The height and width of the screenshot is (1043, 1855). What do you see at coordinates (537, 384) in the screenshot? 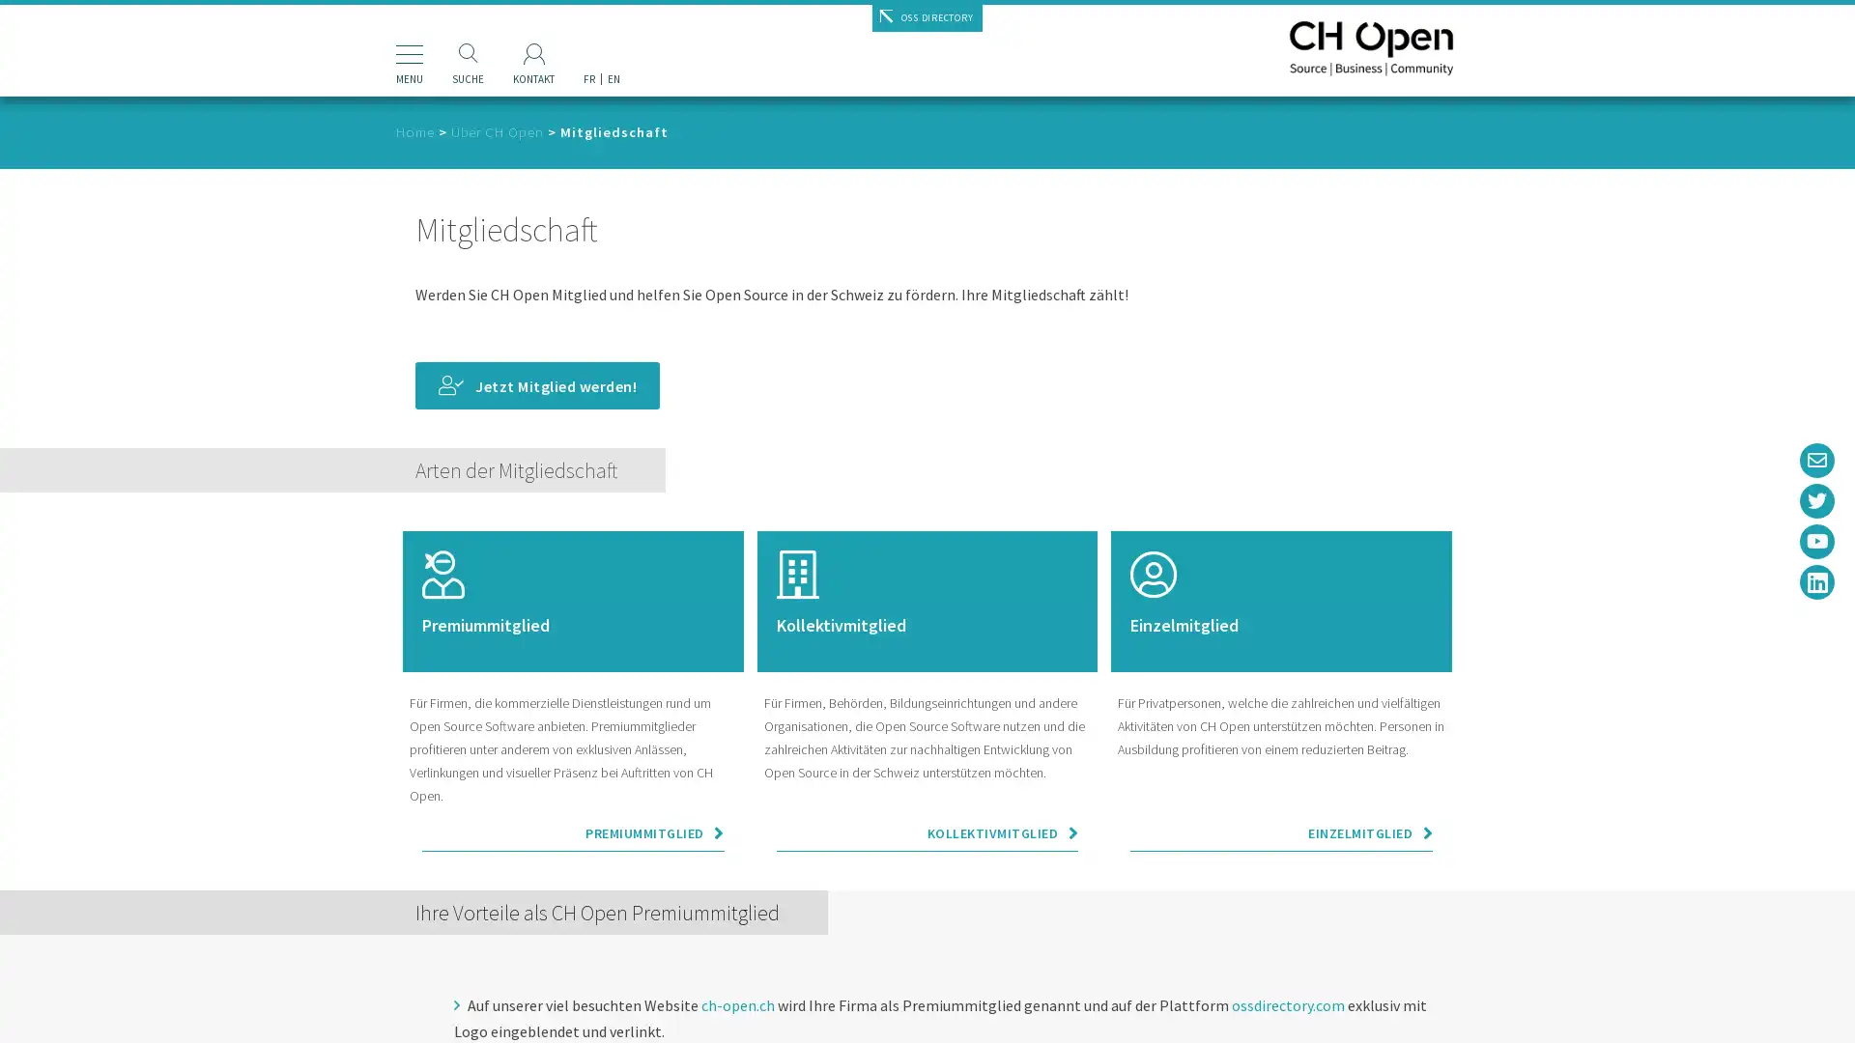
I see `Jetzt Mitglied werden!` at bounding box center [537, 384].